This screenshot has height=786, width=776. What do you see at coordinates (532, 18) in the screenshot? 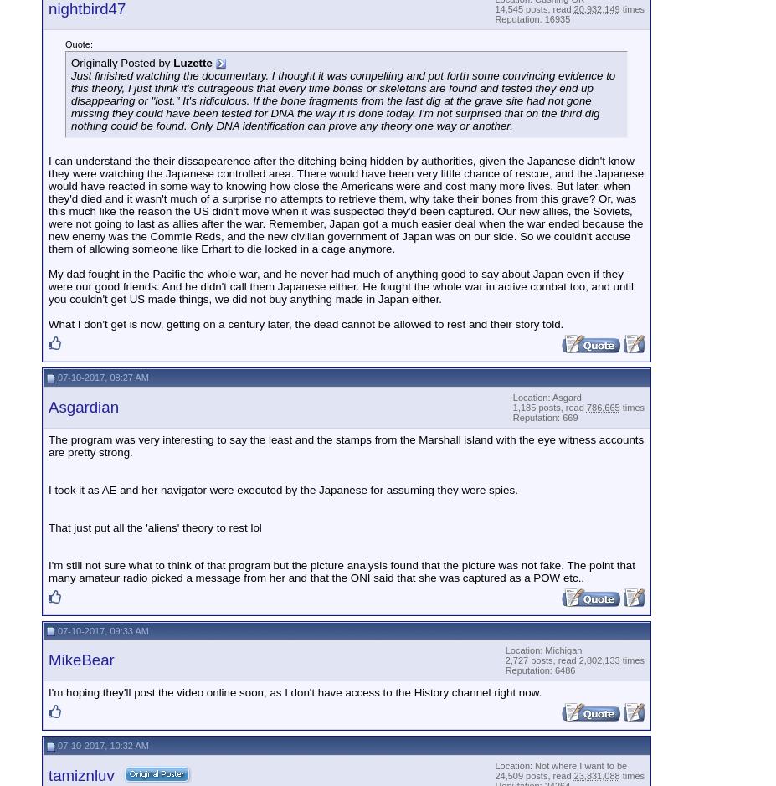
I see `'Reputation: 16935'` at bounding box center [532, 18].